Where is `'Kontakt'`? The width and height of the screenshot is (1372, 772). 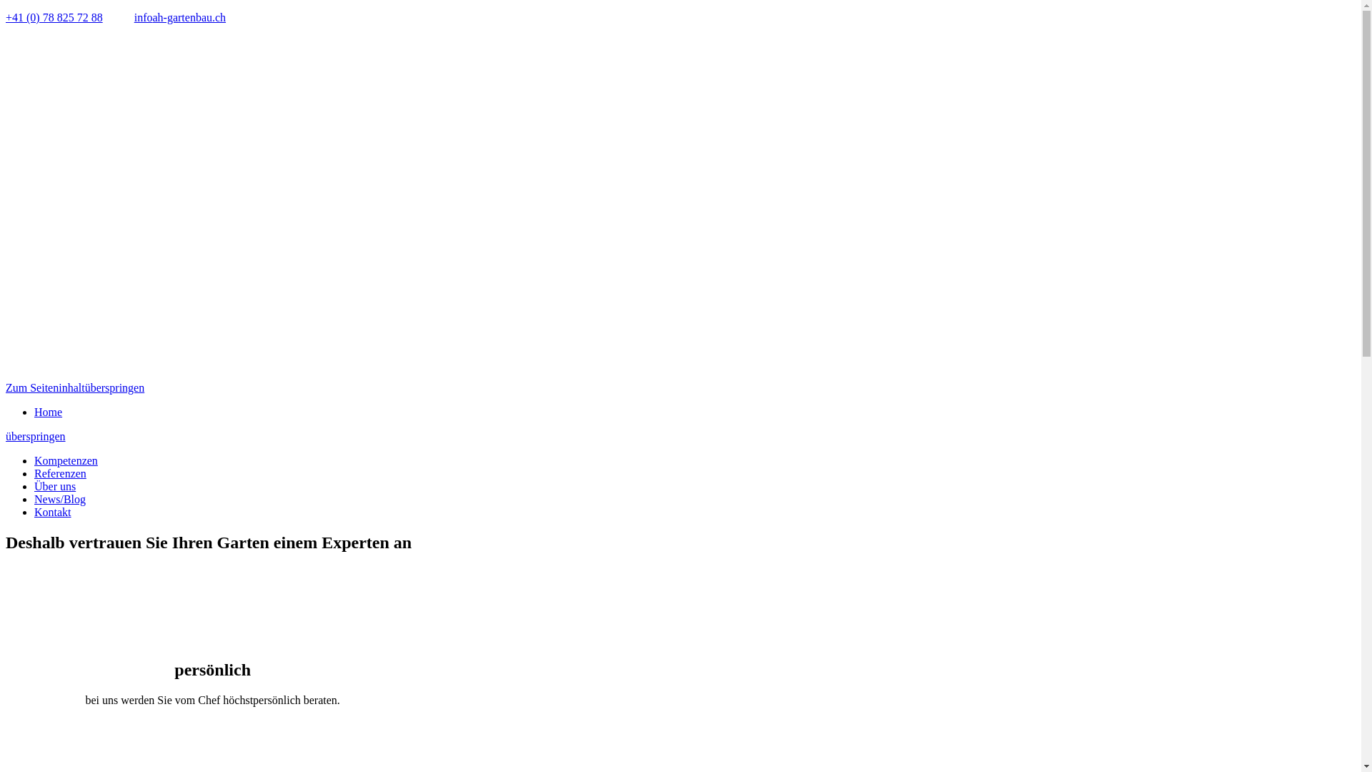 'Kontakt' is located at coordinates (34, 511).